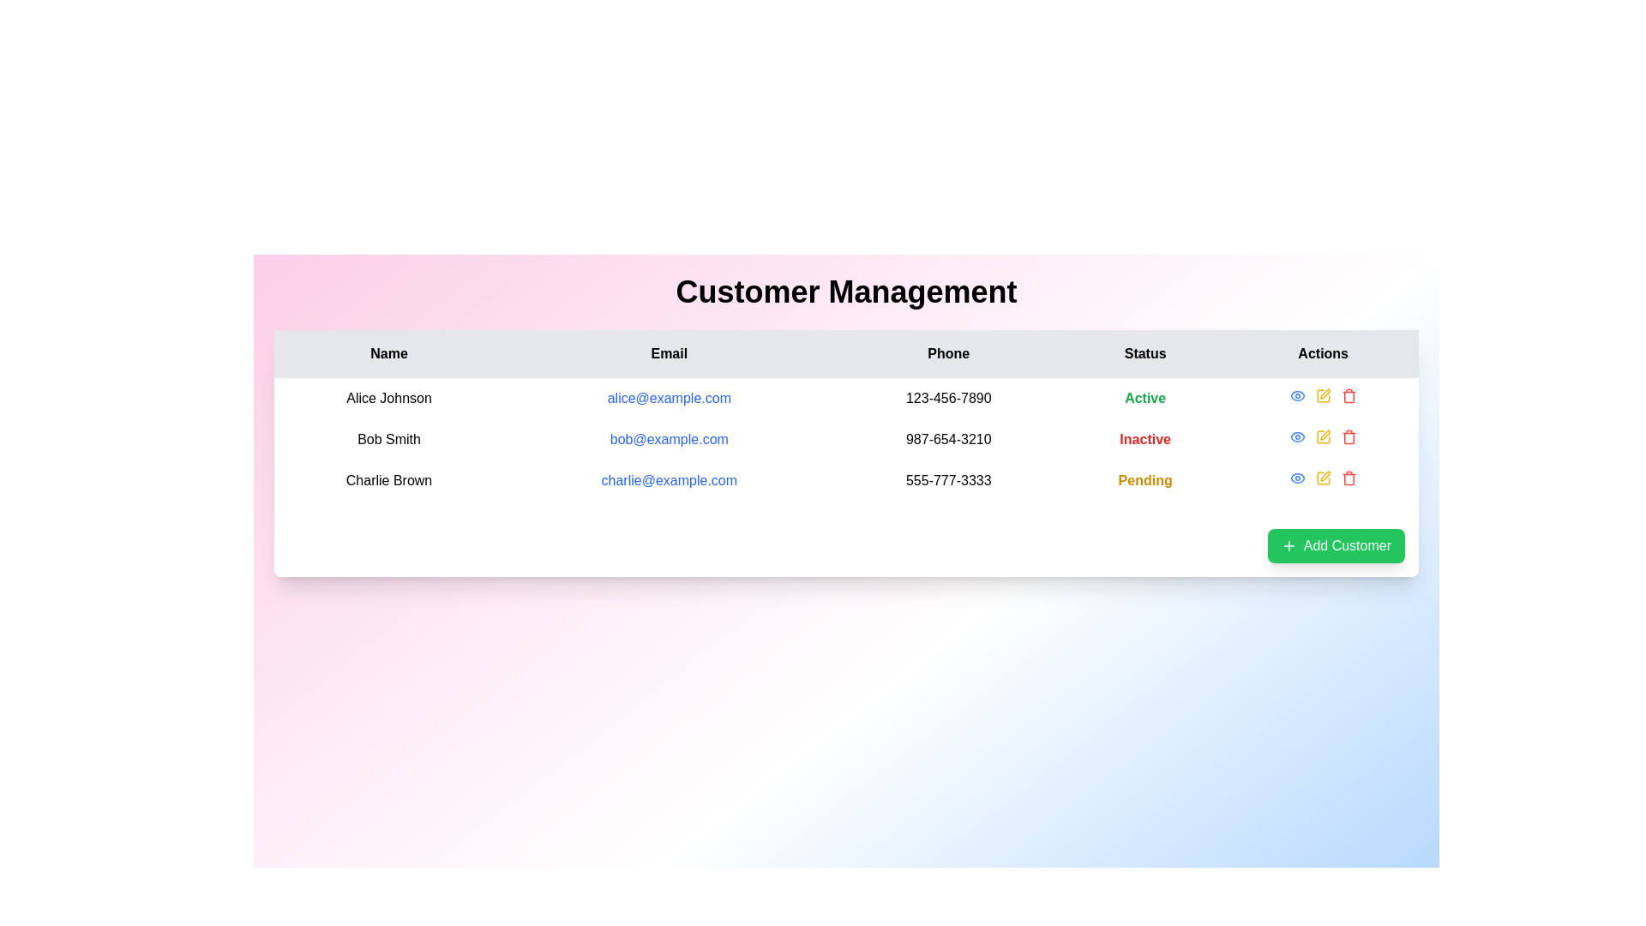 The width and height of the screenshot is (1646, 926). What do you see at coordinates (388, 480) in the screenshot?
I see `the text label that identifies the customer 'Charlie Brown' in the third row of the table under the 'Name' column` at bounding box center [388, 480].